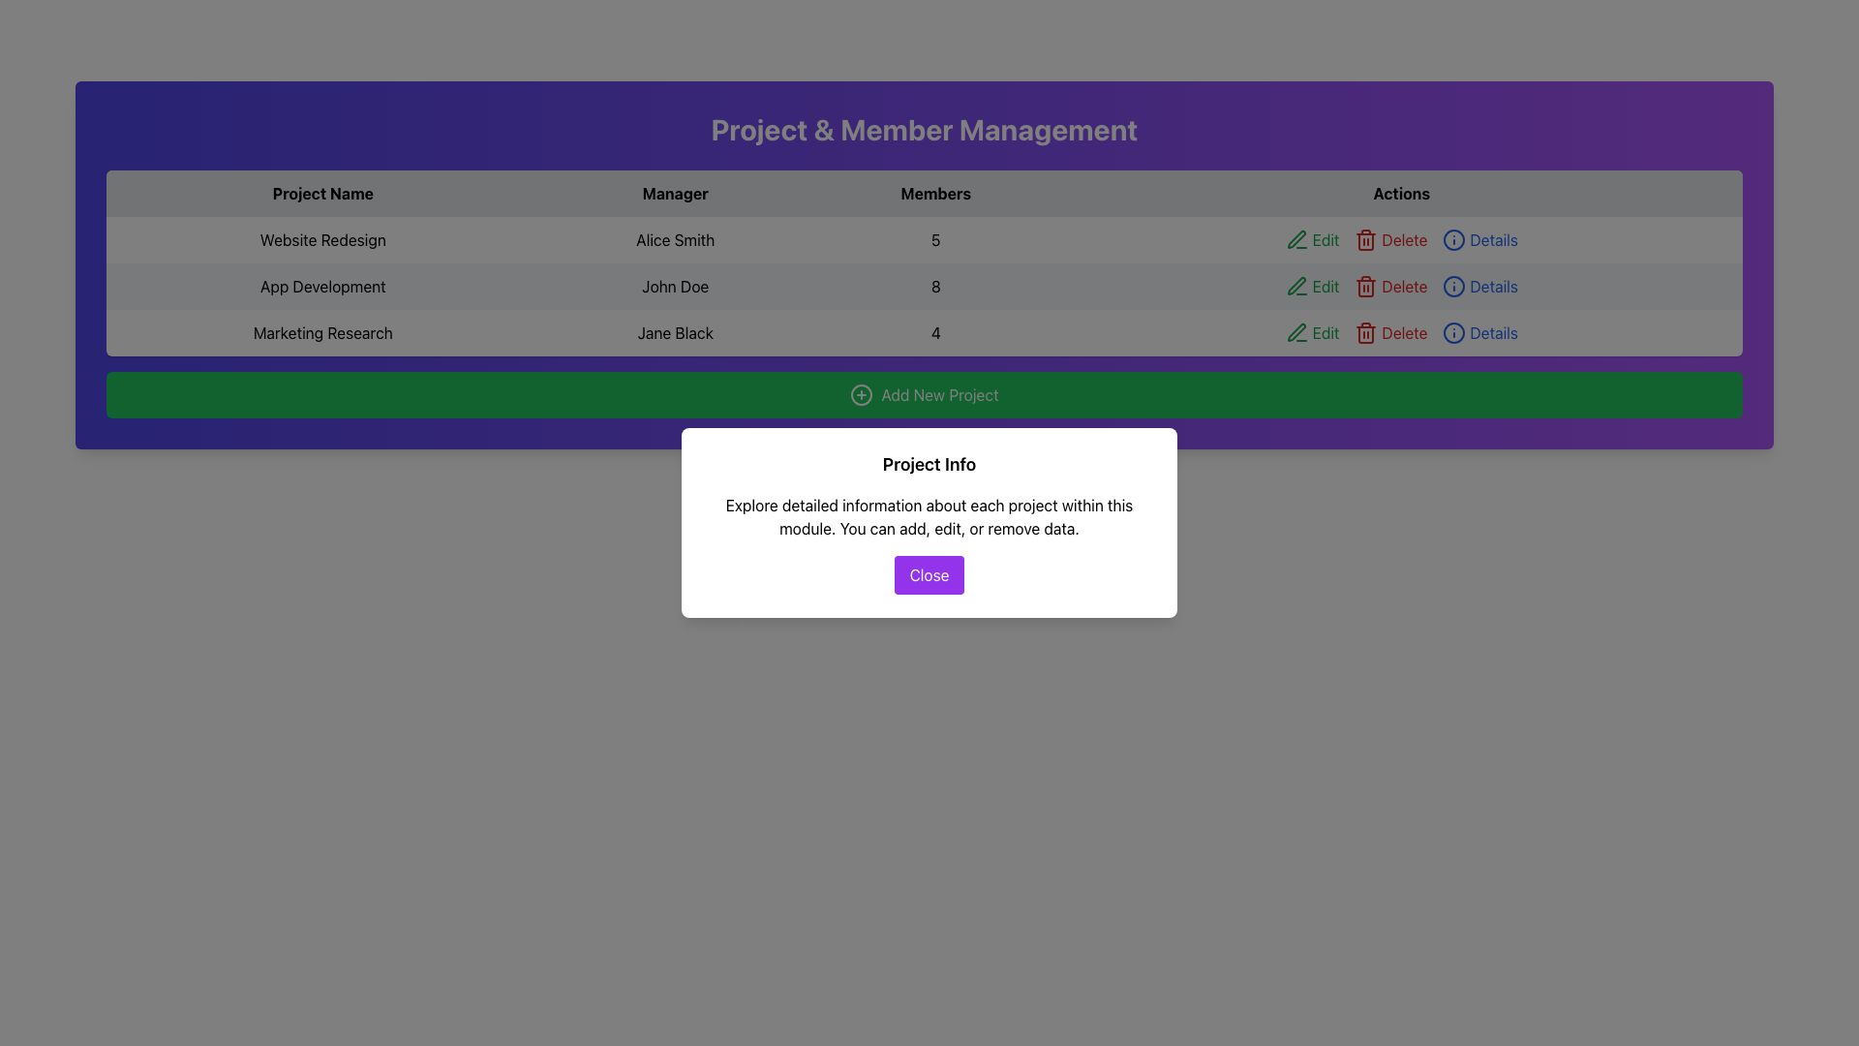 The height and width of the screenshot is (1046, 1859). Describe the element at coordinates (1312, 238) in the screenshot. I see `the 'Edit' button located in the first position of the action group in the third row of the table under the 'Actions' column` at that location.